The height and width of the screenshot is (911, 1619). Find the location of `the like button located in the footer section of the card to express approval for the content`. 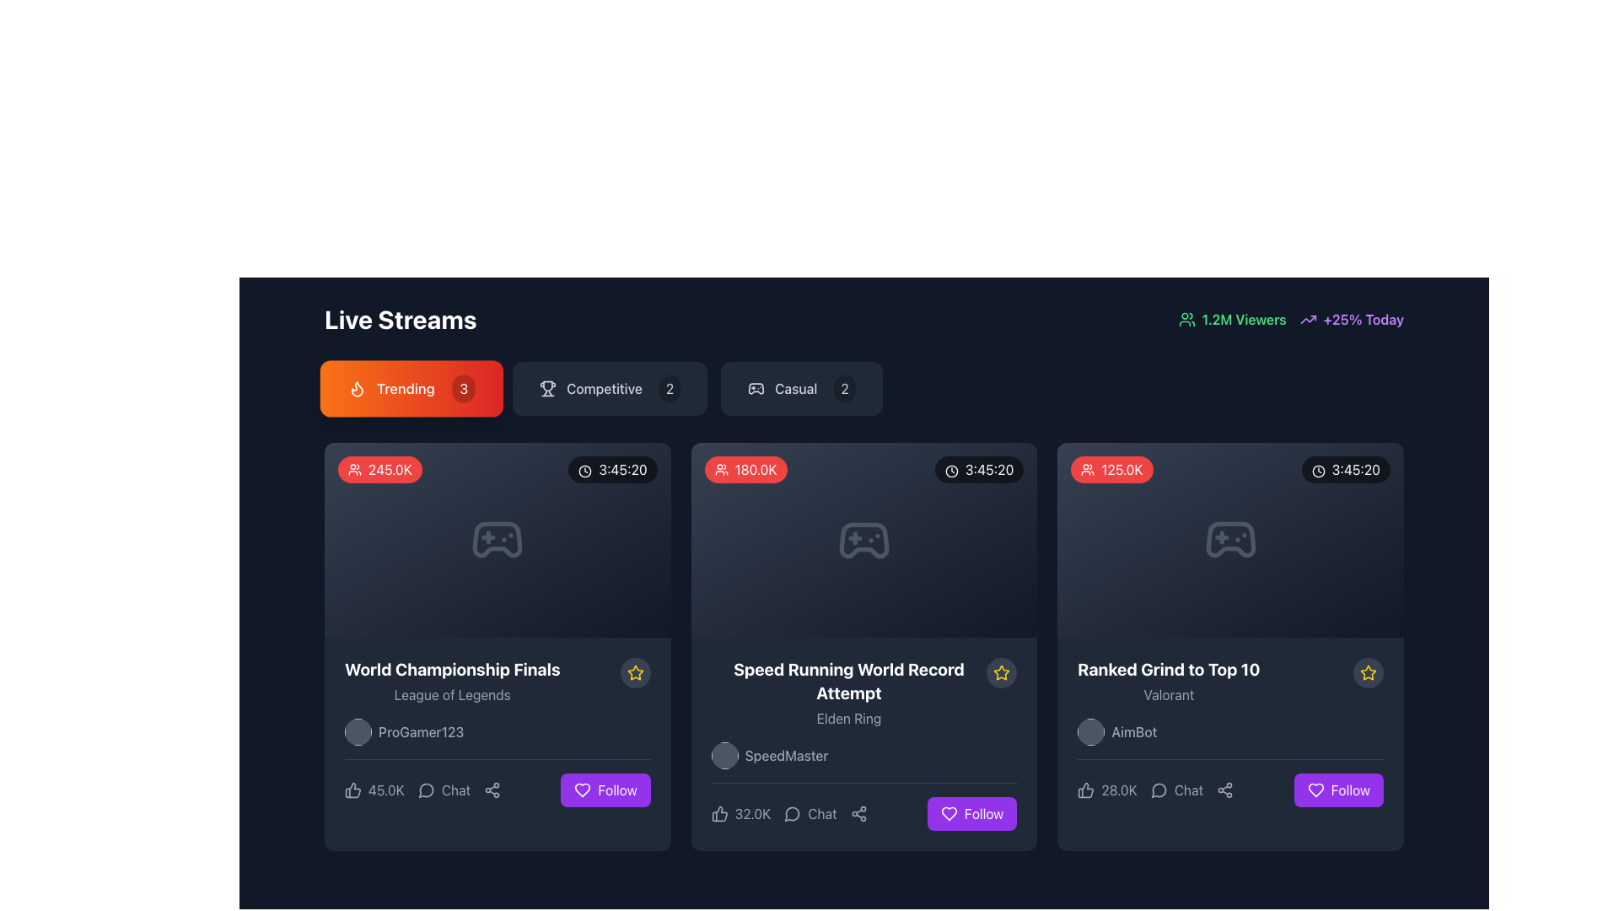

the like button located in the footer section of the card to express approval for the content is located at coordinates (374, 790).